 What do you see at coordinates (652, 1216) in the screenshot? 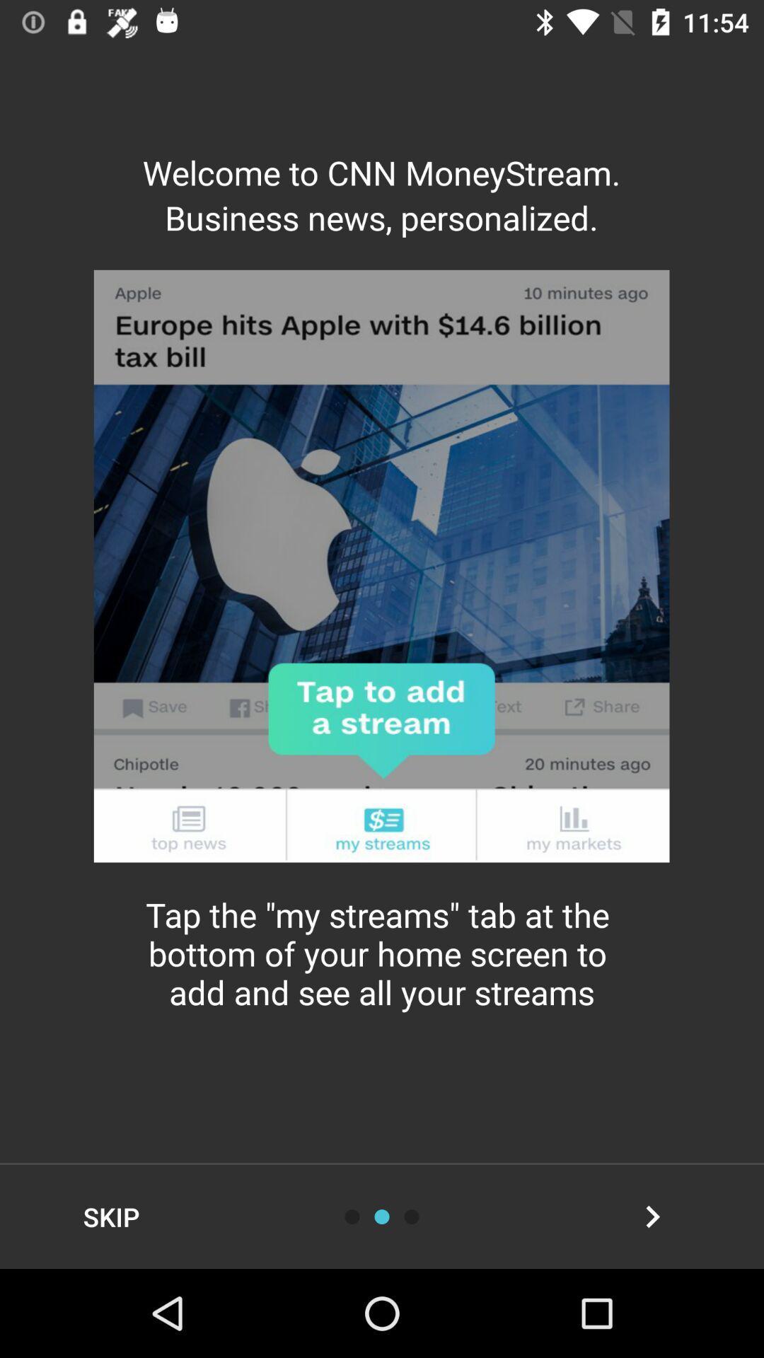
I see `next button` at bounding box center [652, 1216].